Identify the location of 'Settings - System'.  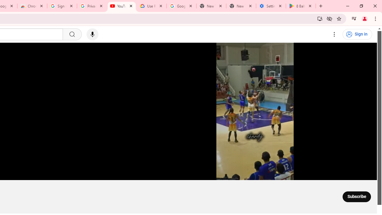
(270, 6).